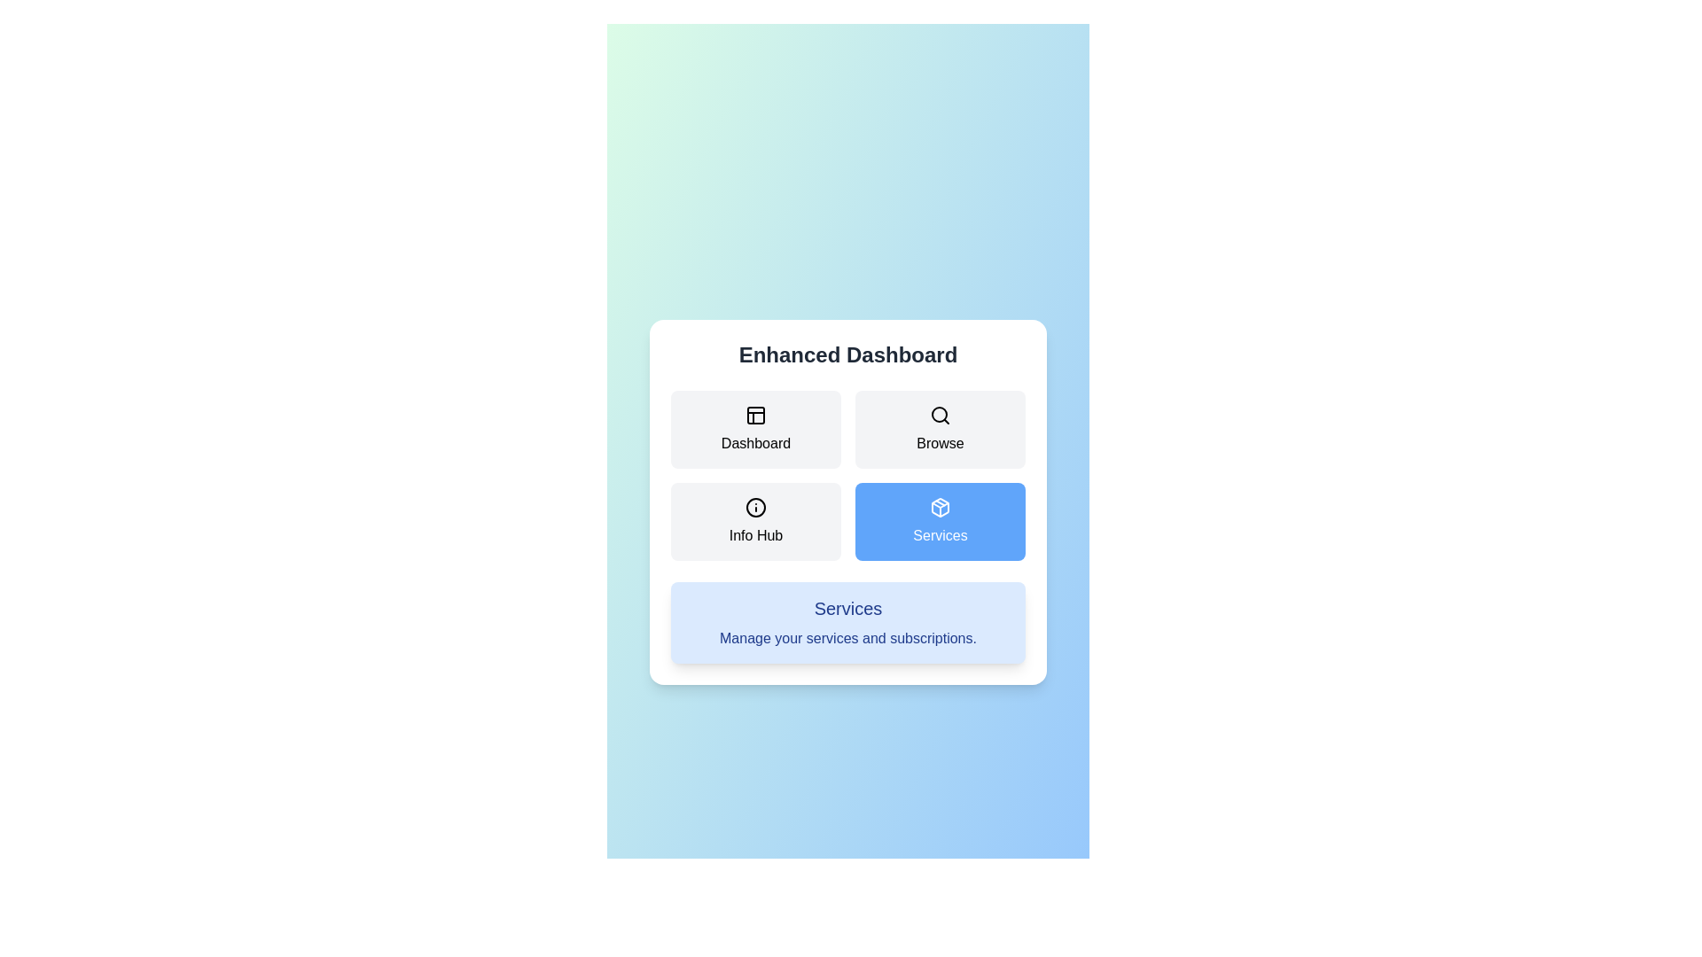 This screenshot has width=1702, height=957. Describe the element at coordinates (939, 521) in the screenshot. I see `the Services tab by clicking on its button` at that location.